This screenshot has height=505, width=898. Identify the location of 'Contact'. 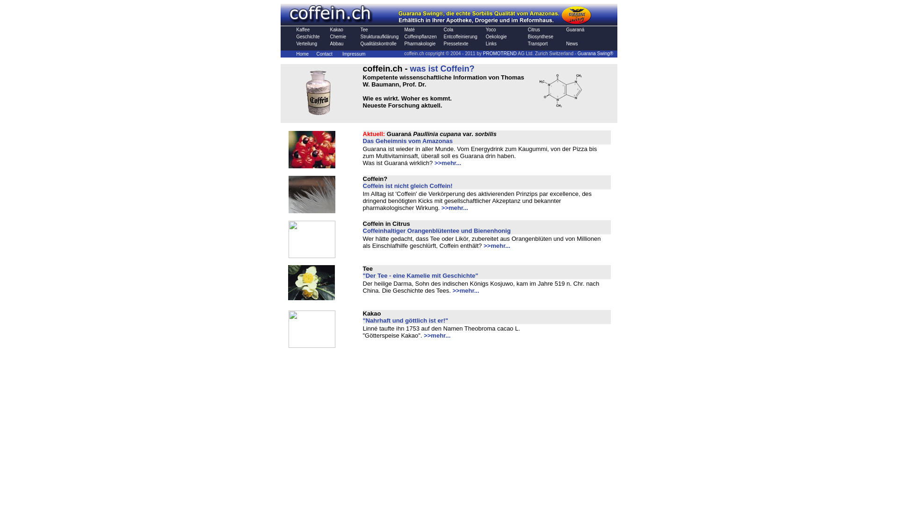
(324, 54).